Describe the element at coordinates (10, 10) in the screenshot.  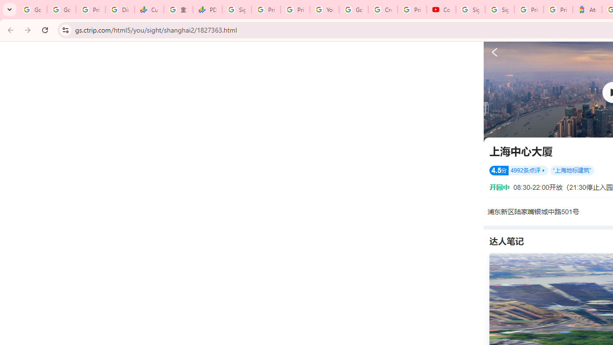
I see `'Search tabs'` at that location.